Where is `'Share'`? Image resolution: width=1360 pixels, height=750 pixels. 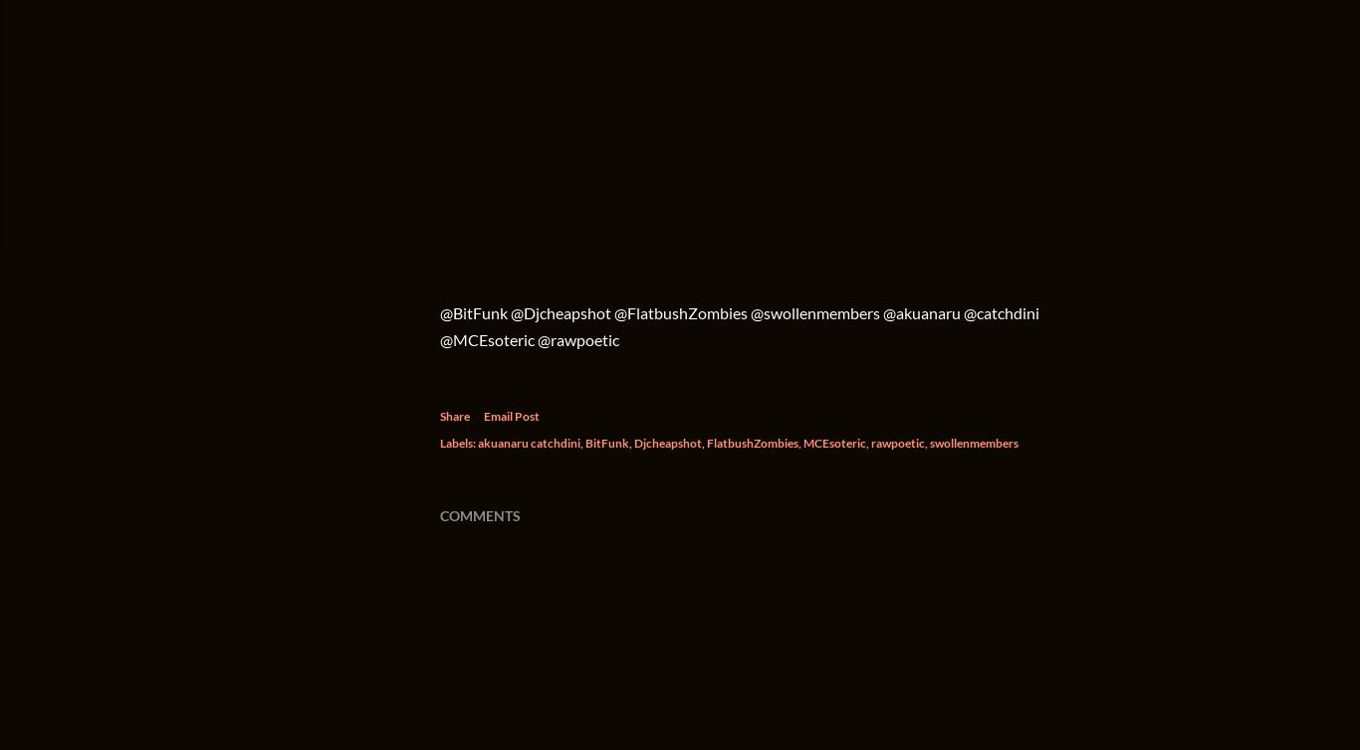 'Share' is located at coordinates (455, 415).